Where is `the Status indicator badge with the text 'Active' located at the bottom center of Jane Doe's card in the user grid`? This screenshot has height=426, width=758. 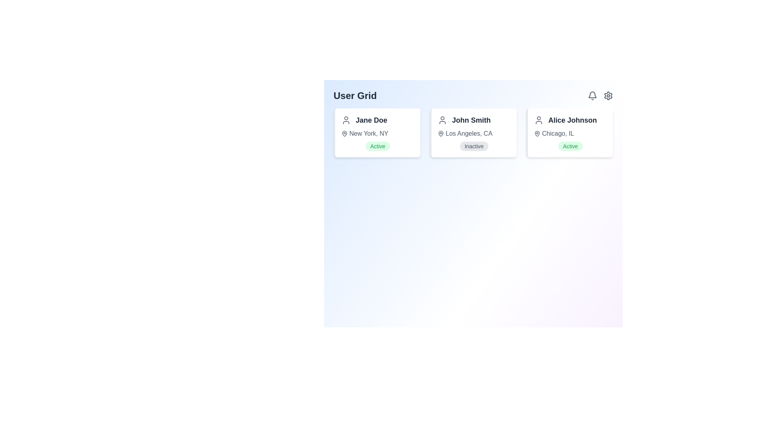
the Status indicator badge with the text 'Active' located at the bottom center of Jane Doe's card in the user grid is located at coordinates (377, 146).